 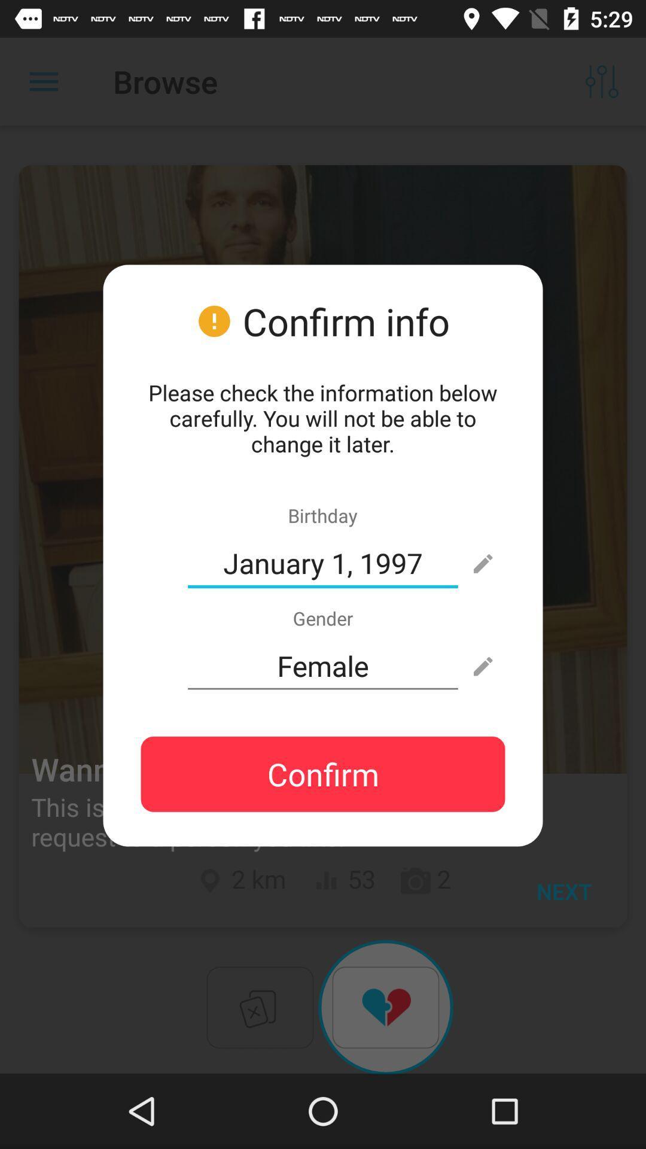 What do you see at coordinates (323, 665) in the screenshot?
I see `the female` at bounding box center [323, 665].